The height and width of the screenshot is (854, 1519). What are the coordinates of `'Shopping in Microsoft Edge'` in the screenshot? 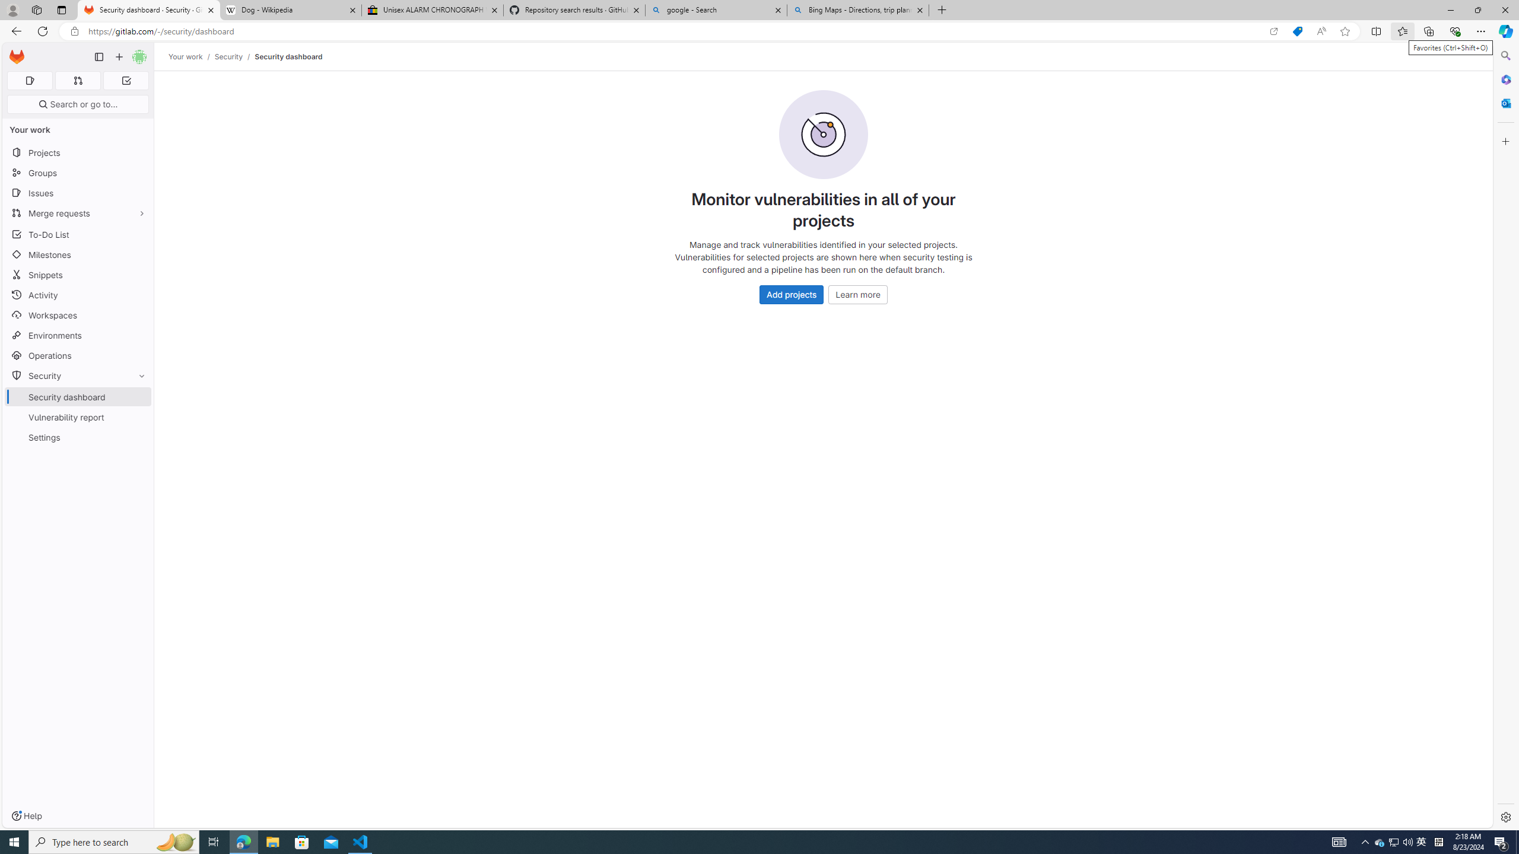 It's located at (1296, 31).